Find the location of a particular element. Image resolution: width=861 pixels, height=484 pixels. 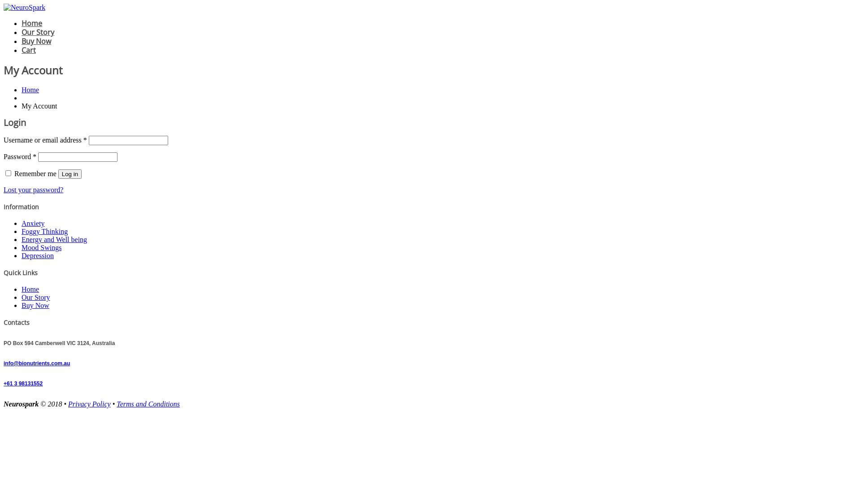

'Depression' is located at coordinates (37, 255).